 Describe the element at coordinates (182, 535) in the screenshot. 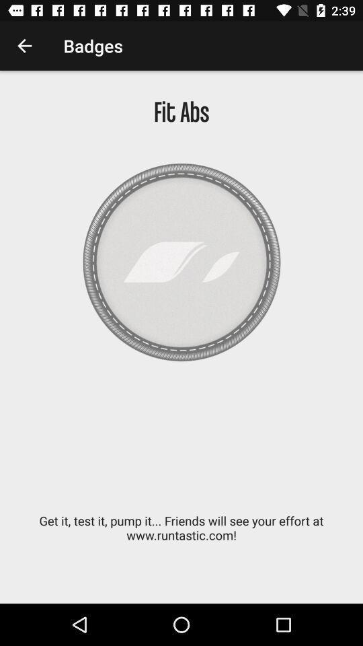

I see `get it test item` at that location.